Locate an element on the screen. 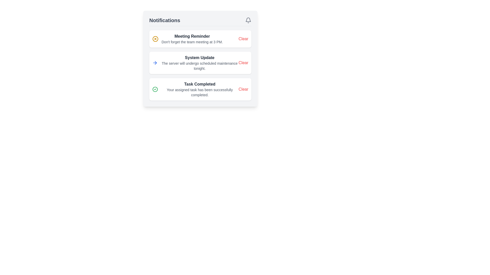 This screenshot has width=490, height=275. the arrowhead icon in the upper-right corner of the 'System Update' notification card, which serves as a visual indicator for forward action or additional details is located at coordinates (155, 62).